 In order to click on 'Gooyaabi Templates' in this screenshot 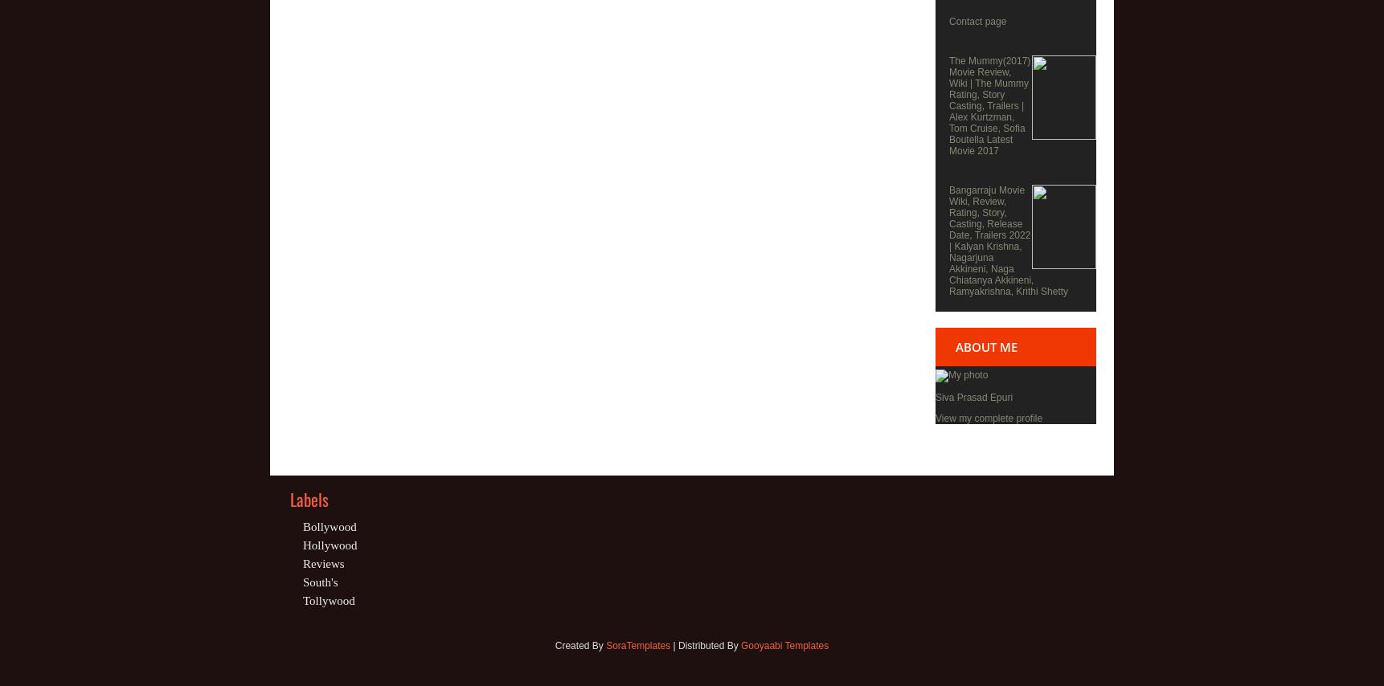, I will do `click(784, 645)`.